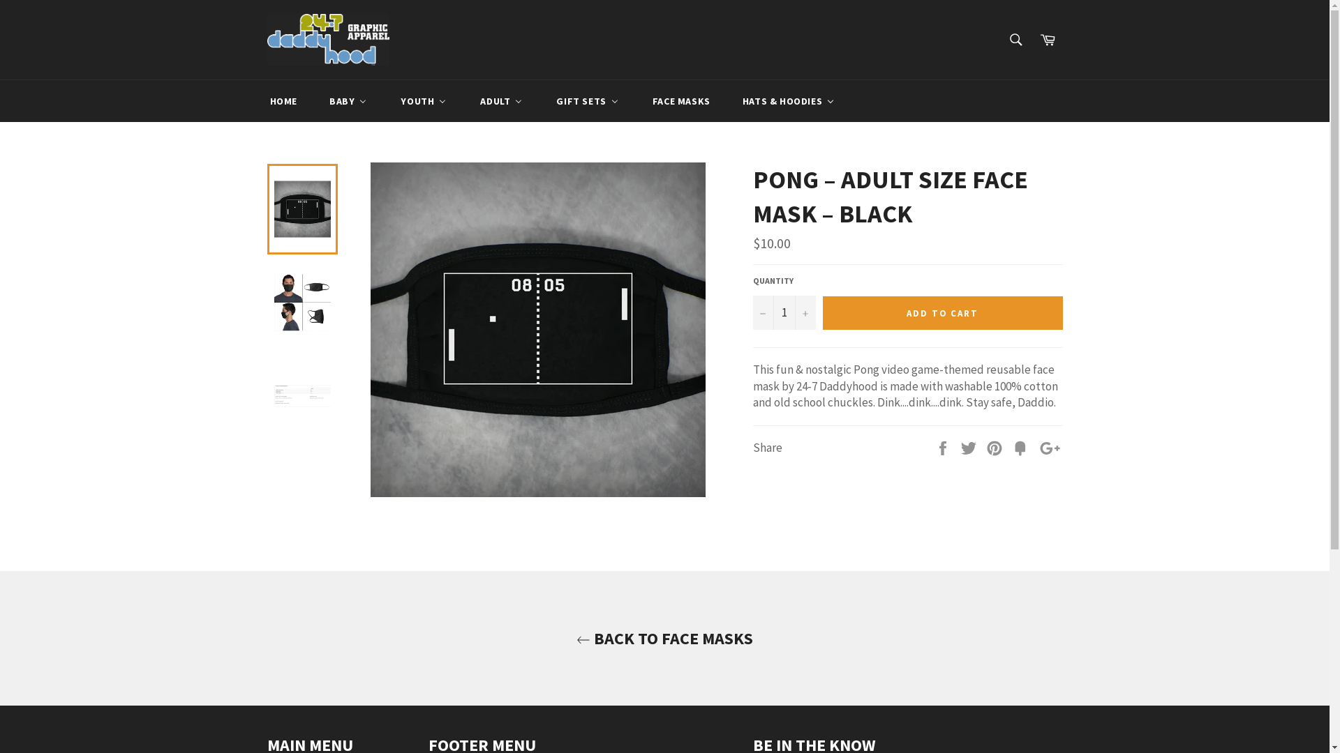 Image resolution: width=1340 pixels, height=753 pixels. I want to click on '+', so click(804, 312).